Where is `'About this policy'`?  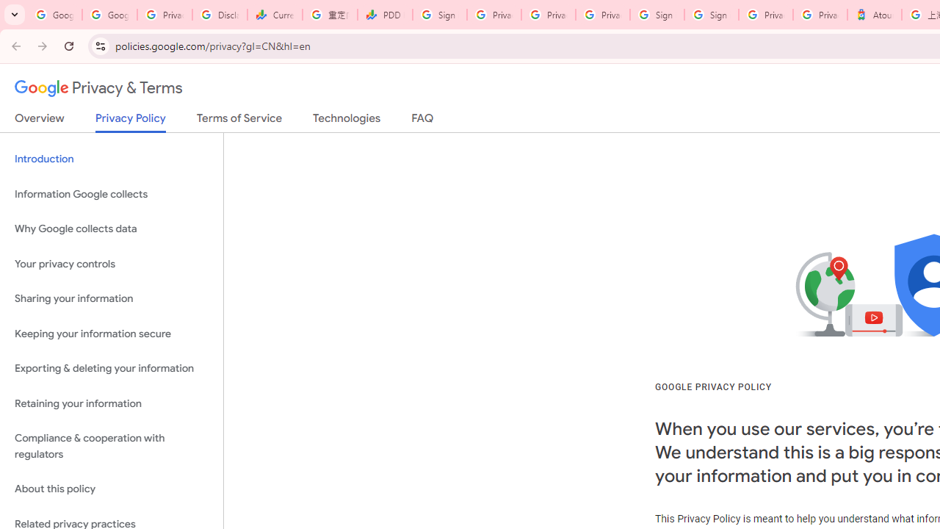
'About this policy' is located at coordinates (111, 489).